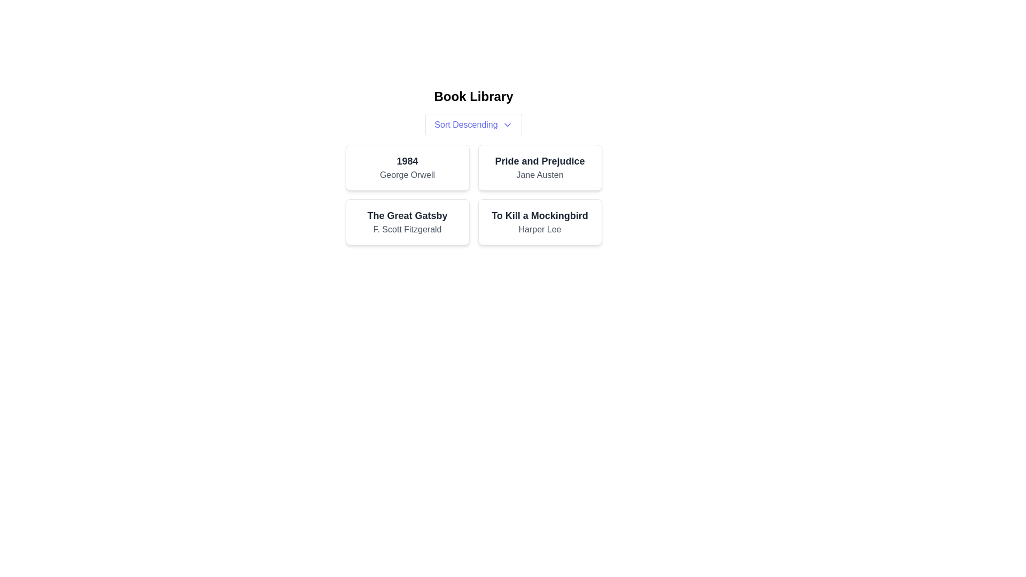 This screenshot has height=577, width=1026. Describe the element at coordinates (540, 174) in the screenshot. I see `the static text label displaying 'Jane Austen', which is located below the title 'Pride and Prejudice' in a card layout` at that location.